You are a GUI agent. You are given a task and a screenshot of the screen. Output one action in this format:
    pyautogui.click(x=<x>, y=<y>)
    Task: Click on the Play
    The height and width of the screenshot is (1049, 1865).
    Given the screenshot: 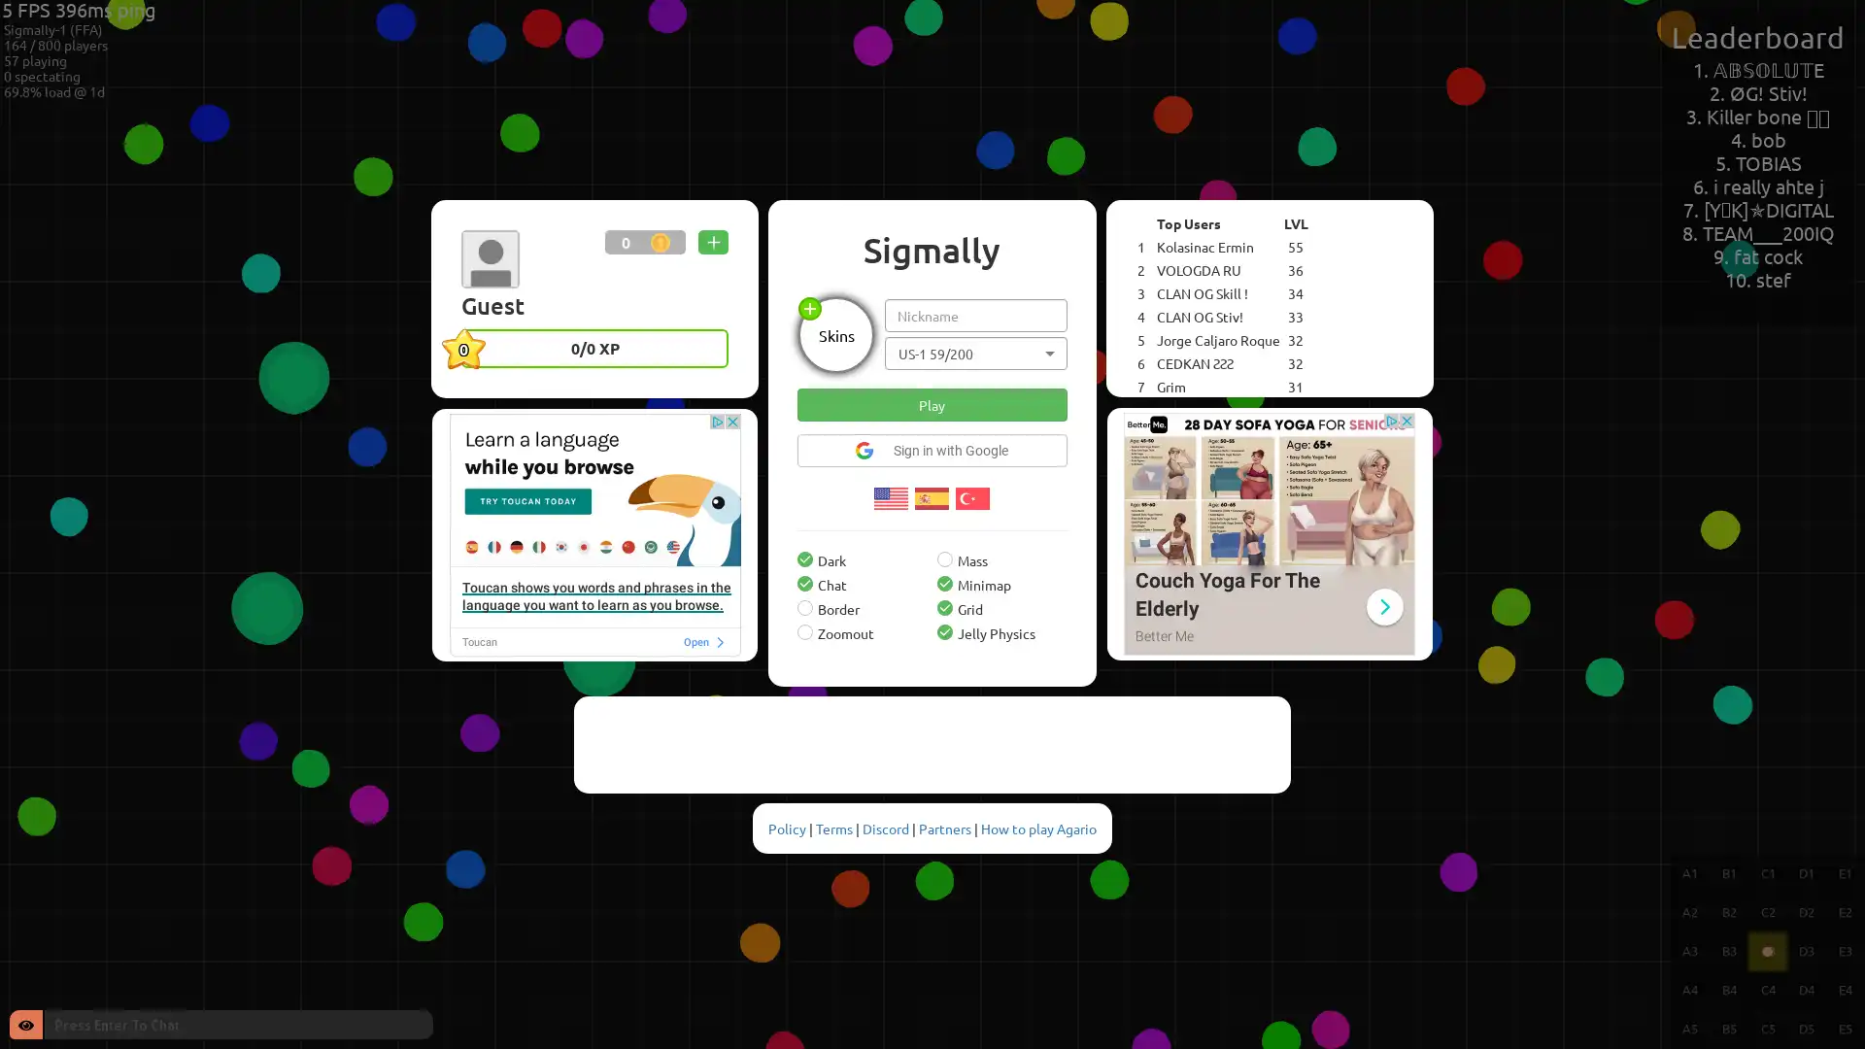 What is the action you would take?
    pyautogui.click(x=931, y=403)
    